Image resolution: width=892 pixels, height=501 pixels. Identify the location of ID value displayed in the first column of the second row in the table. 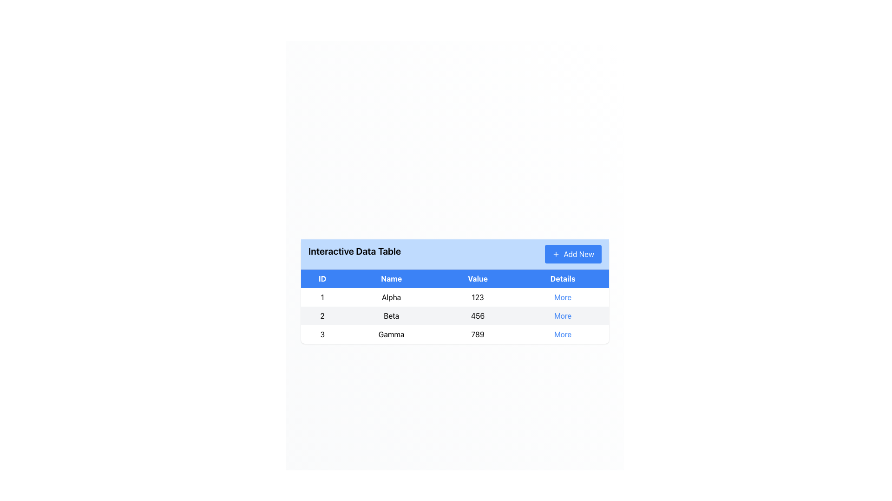
(322, 315).